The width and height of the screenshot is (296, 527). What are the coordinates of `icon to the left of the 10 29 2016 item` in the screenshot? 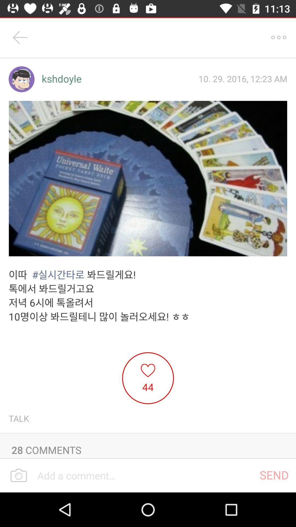 It's located at (61, 79).